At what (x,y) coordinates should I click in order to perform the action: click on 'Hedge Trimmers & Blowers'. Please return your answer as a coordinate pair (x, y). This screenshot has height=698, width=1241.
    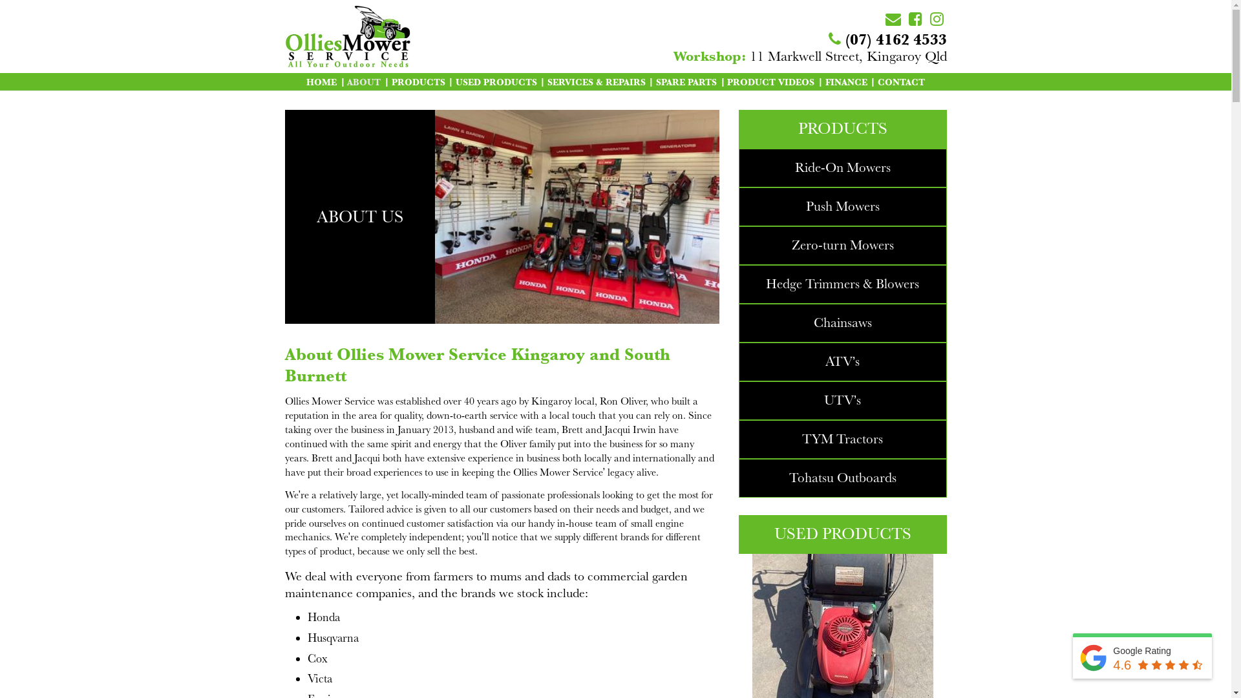
    Looking at the image, I should click on (766, 283).